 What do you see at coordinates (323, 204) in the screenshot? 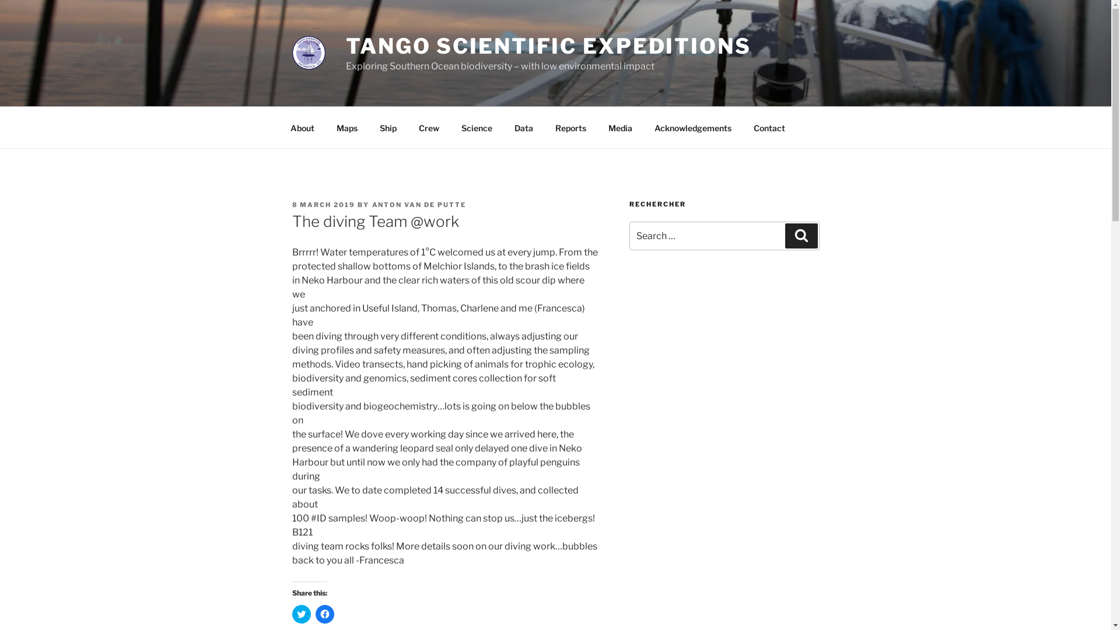
I see `'8 MARCH 2019'` at bounding box center [323, 204].